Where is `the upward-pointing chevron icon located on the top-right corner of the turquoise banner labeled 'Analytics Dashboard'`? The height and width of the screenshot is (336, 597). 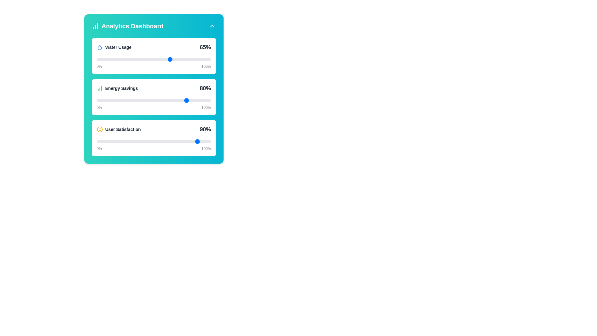
the upward-pointing chevron icon located on the top-right corner of the turquoise banner labeled 'Analytics Dashboard' is located at coordinates (212, 26).